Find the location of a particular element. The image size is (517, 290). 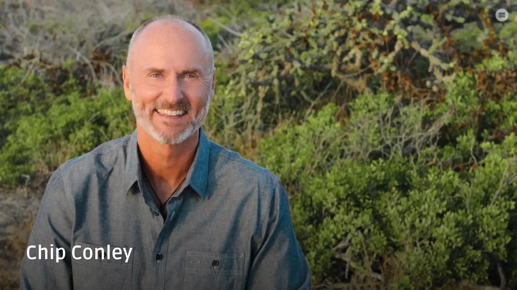

MENU CLOSE is located at coordinates (501, 15).